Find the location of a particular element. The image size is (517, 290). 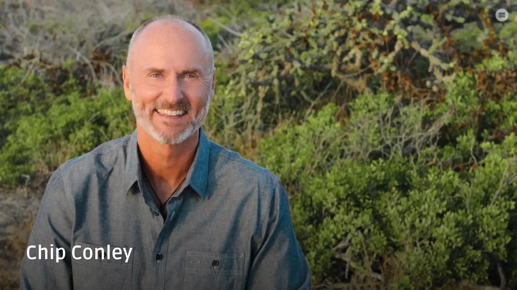

MENU CLOSE is located at coordinates (501, 15).